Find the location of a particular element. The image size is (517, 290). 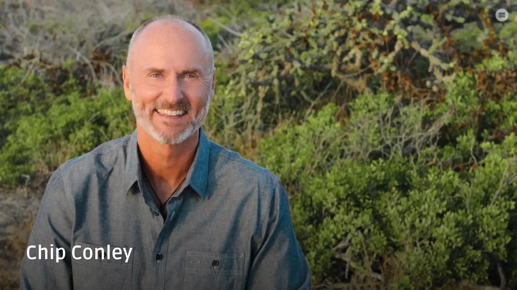

MENU CLOSE is located at coordinates (501, 15).